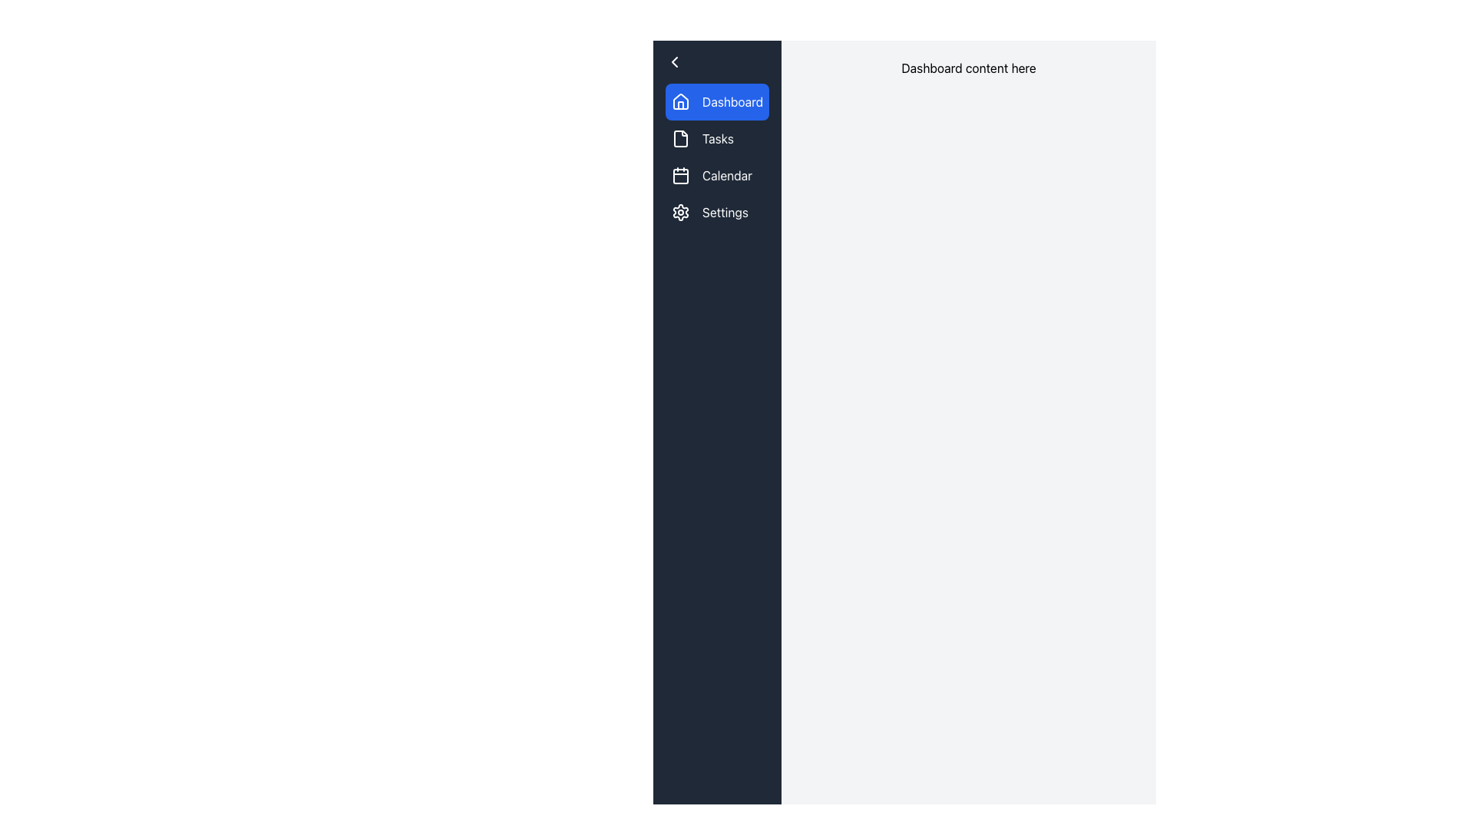  I want to click on the 'Tasks' icon located in the second menu item of the left navigation bar, so click(680, 139).